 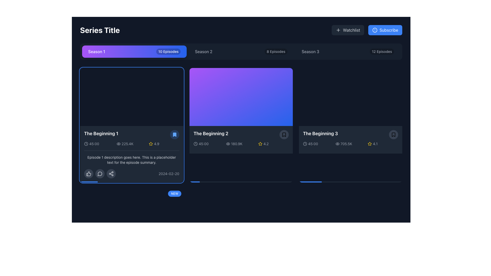 I want to click on the circle graphical component representing the currentTime indicator within the clock icon at the bottom metadata section of the card named 'The Beginning 3', so click(x=305, y=144).